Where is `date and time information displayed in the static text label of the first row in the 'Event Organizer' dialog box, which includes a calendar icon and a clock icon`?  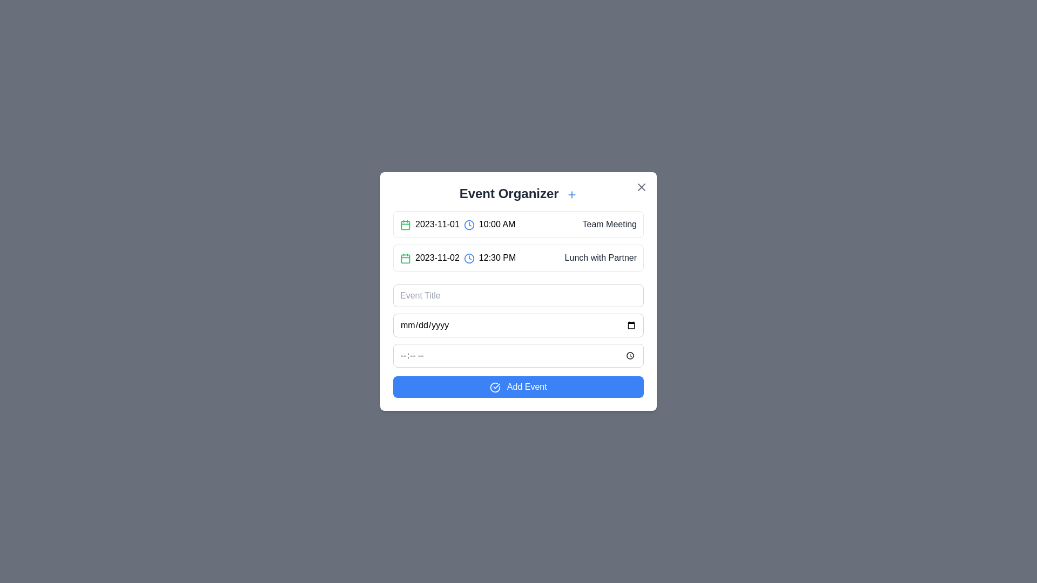 date and time information displayed in the static text label of the first row in the 'Event Organizer' dialog box, which includes a calendar icon and a clock icon is located at coordinates (457, 224).